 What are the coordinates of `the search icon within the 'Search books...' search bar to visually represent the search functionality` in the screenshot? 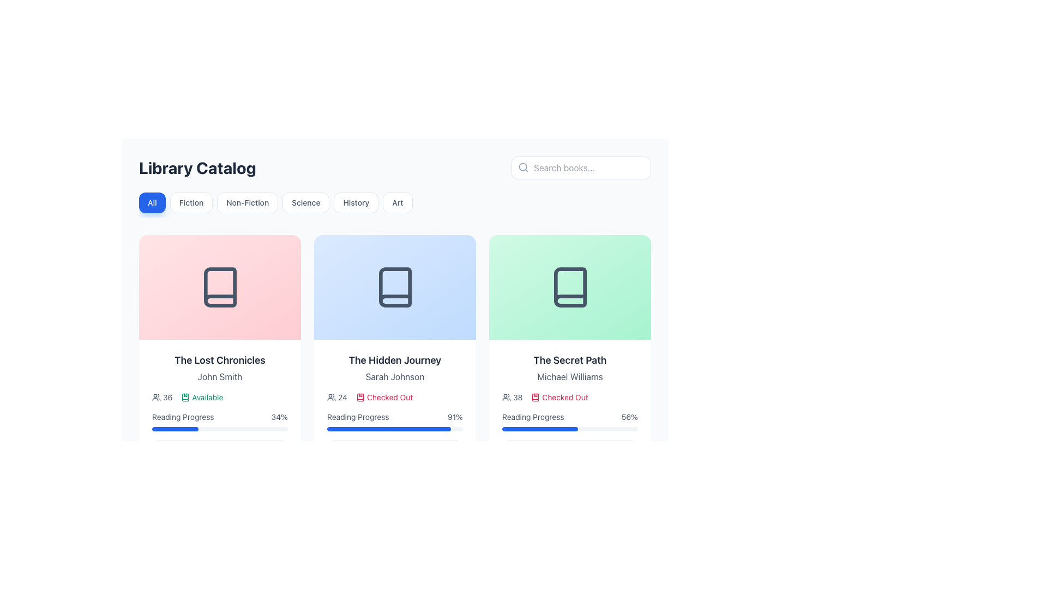 It's located at (522, 167).